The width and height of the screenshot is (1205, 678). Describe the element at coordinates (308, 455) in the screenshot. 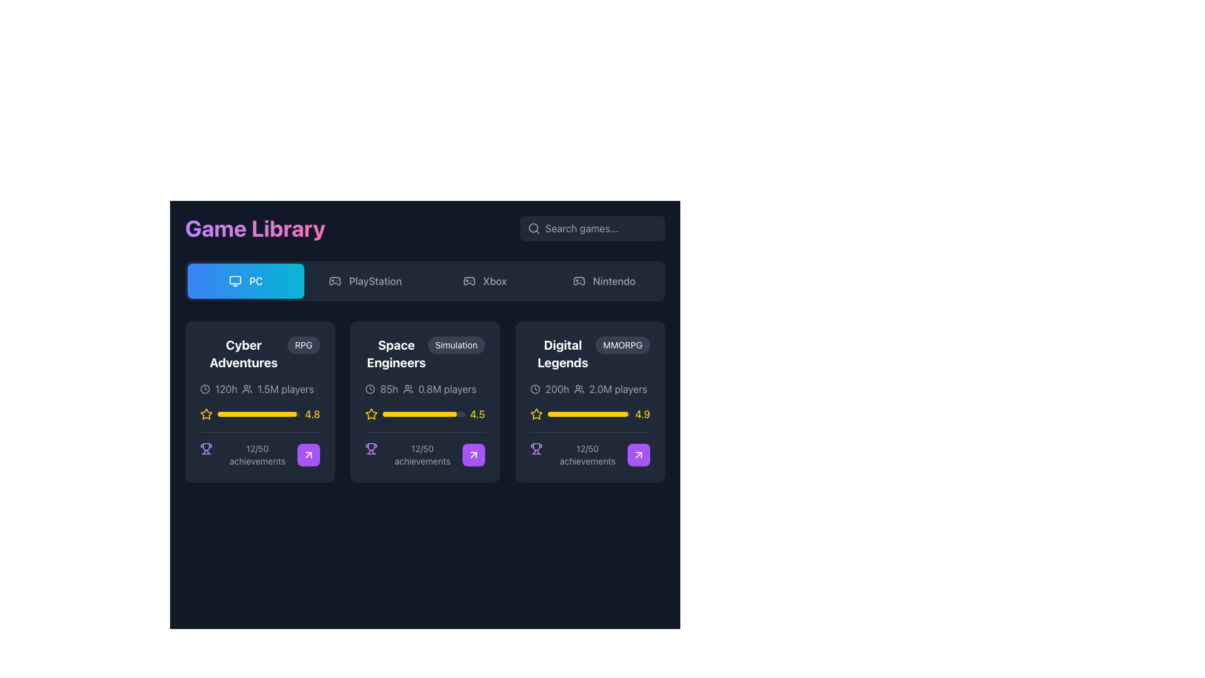

I see `the button located at the bottom-right corner of the 'Cyber Adventures' game card` at that location.